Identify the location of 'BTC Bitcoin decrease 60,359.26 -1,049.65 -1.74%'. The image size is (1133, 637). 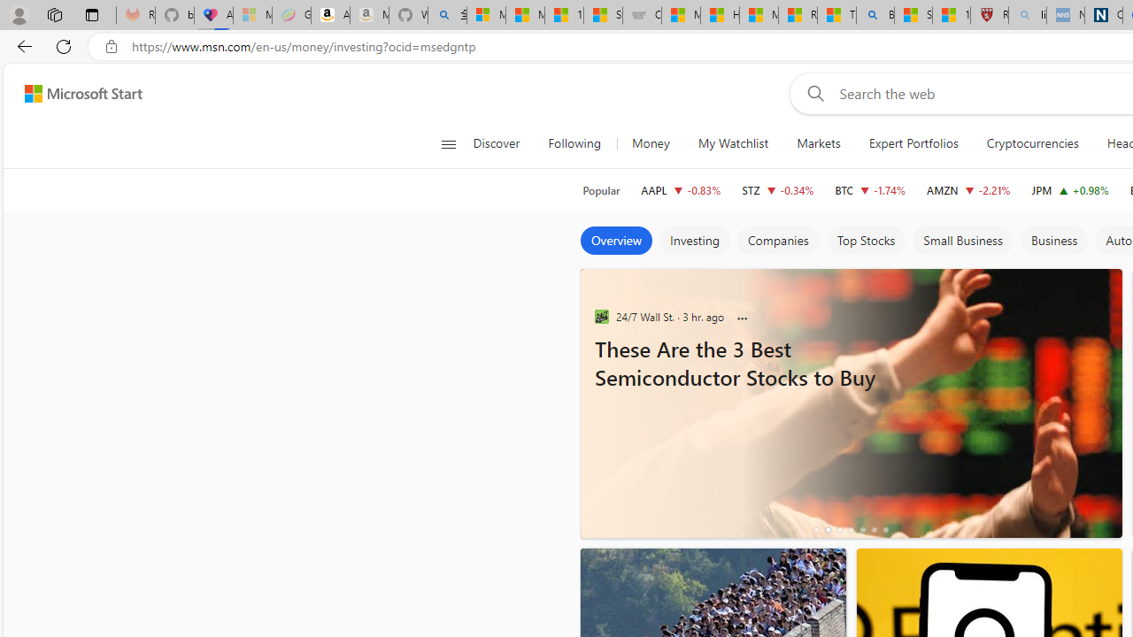
(870, 189).